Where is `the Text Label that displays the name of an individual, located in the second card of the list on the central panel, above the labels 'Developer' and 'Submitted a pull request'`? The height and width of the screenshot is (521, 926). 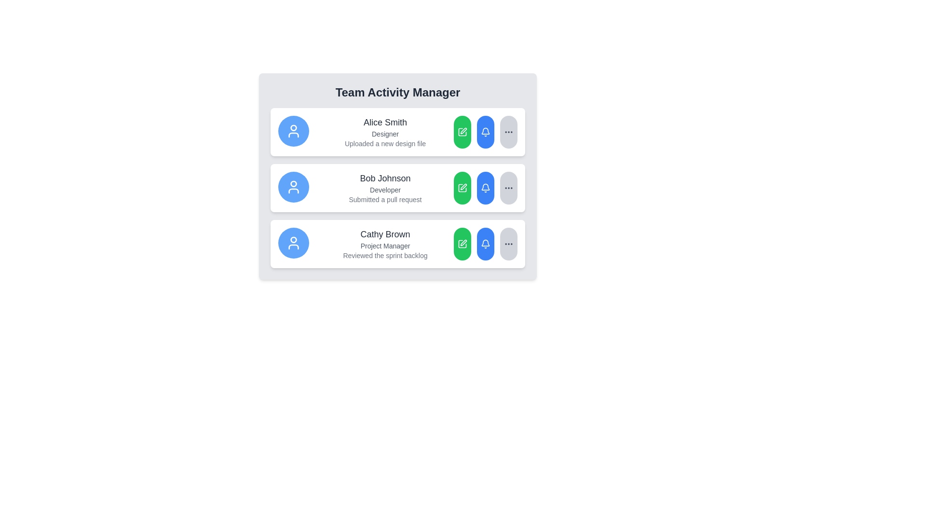
the Text Label that displays the name of an individual, located in the second card of the list on the central panel, above the labels 'Developer' and 'Submitted a pull request' is located at coordinates (384, 178).